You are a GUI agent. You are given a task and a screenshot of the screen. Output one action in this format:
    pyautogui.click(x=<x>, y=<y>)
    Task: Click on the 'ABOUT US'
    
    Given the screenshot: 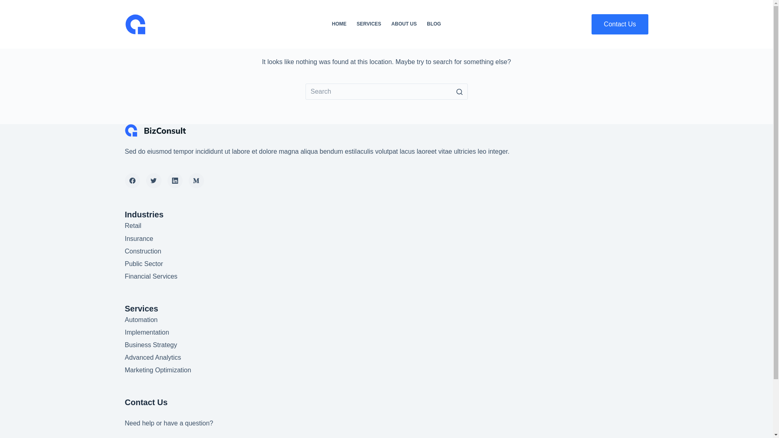 What is the action you would take?
    pyautogui.click(x=404, y=24)
    